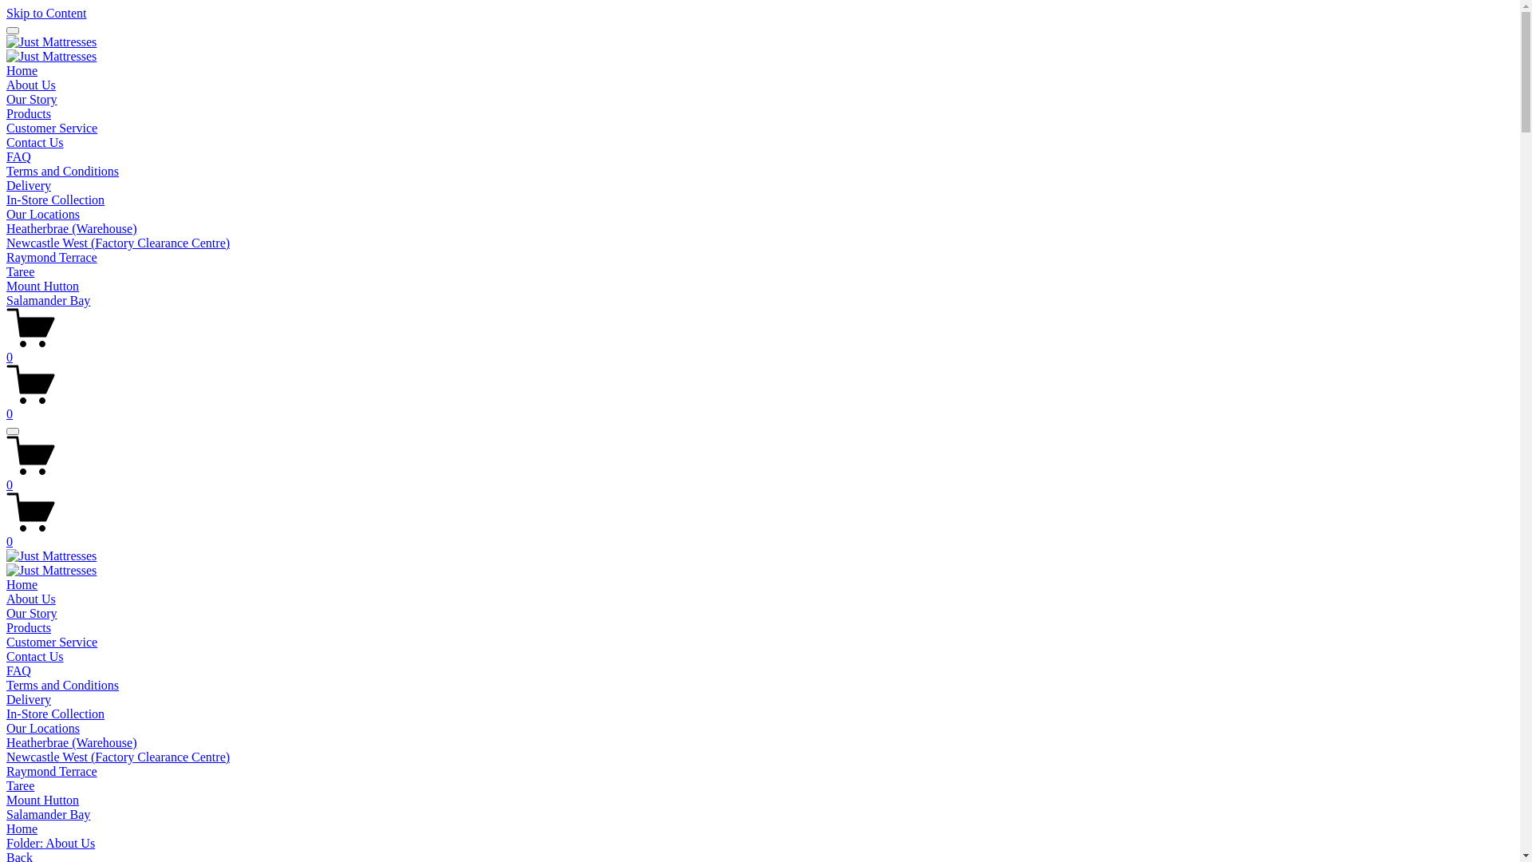 The image size is (1532, 862). Describe the element at coordinates (52, 641) in the screenshot. I see `'Customer Service'` at that location.